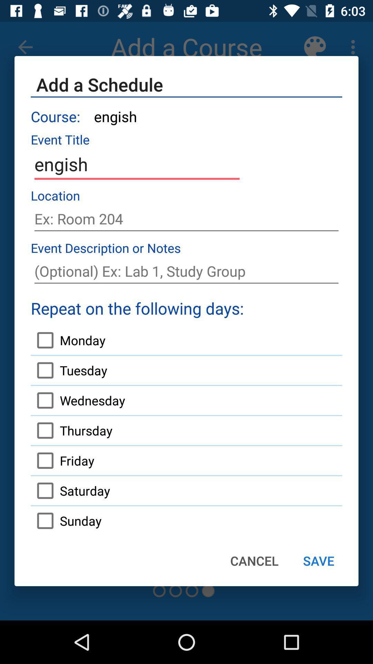  What do you see at coordinates (254, 561) in the screenshot?
I see `the cancel` at bounding box center [254, 561].